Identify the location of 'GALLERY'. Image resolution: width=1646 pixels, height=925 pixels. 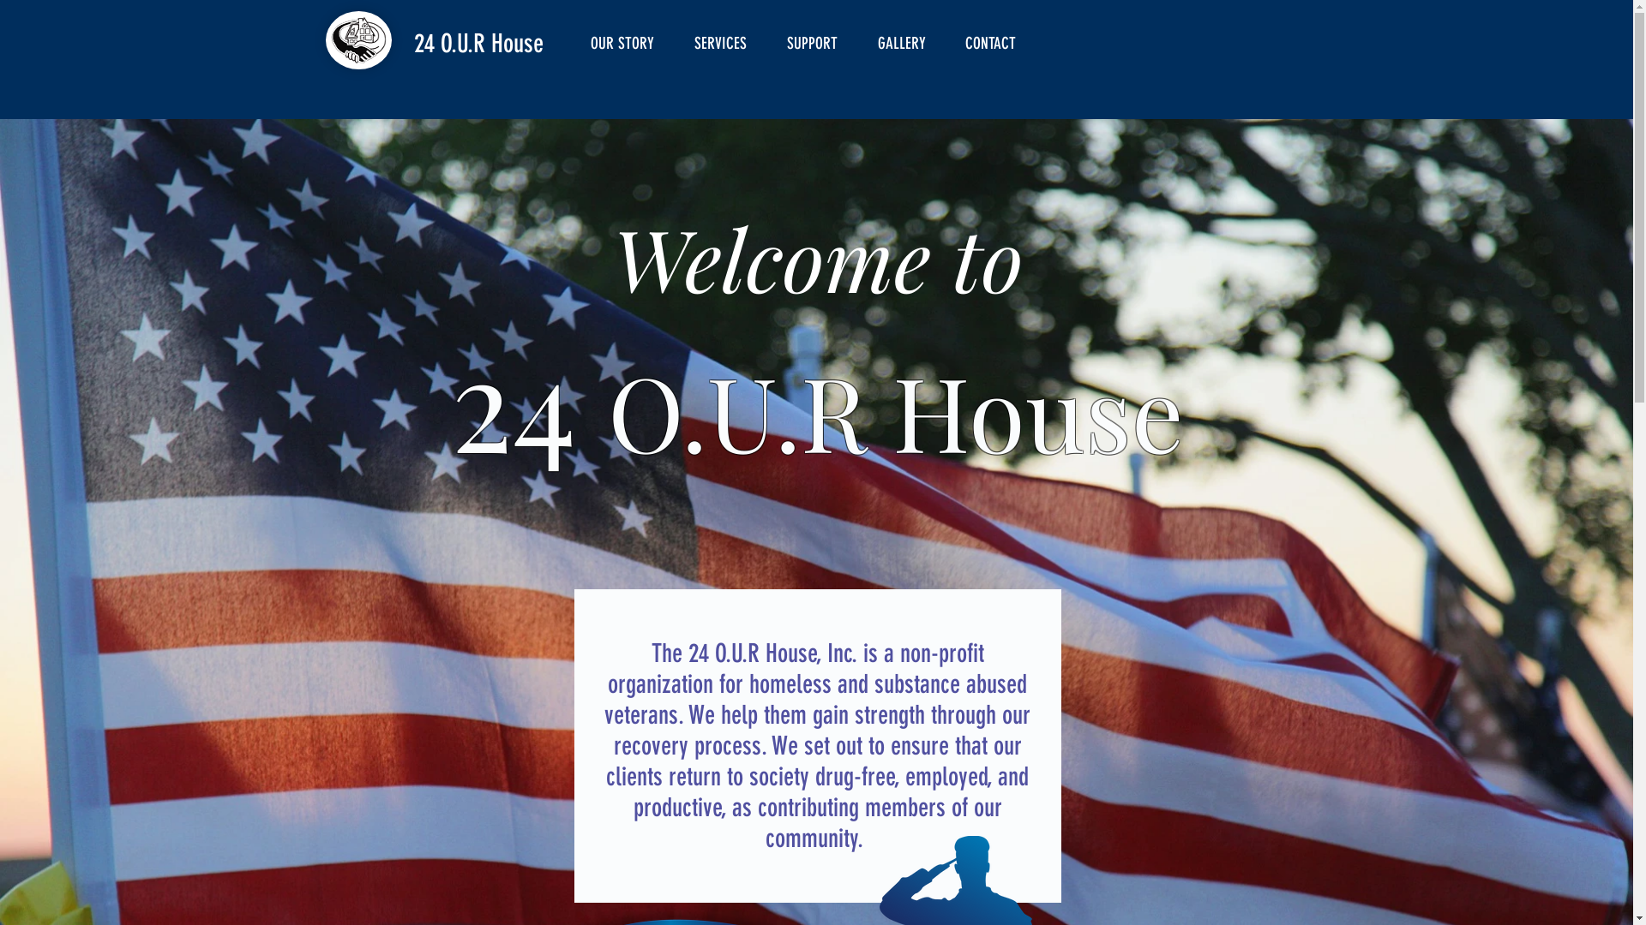
(907, 42).